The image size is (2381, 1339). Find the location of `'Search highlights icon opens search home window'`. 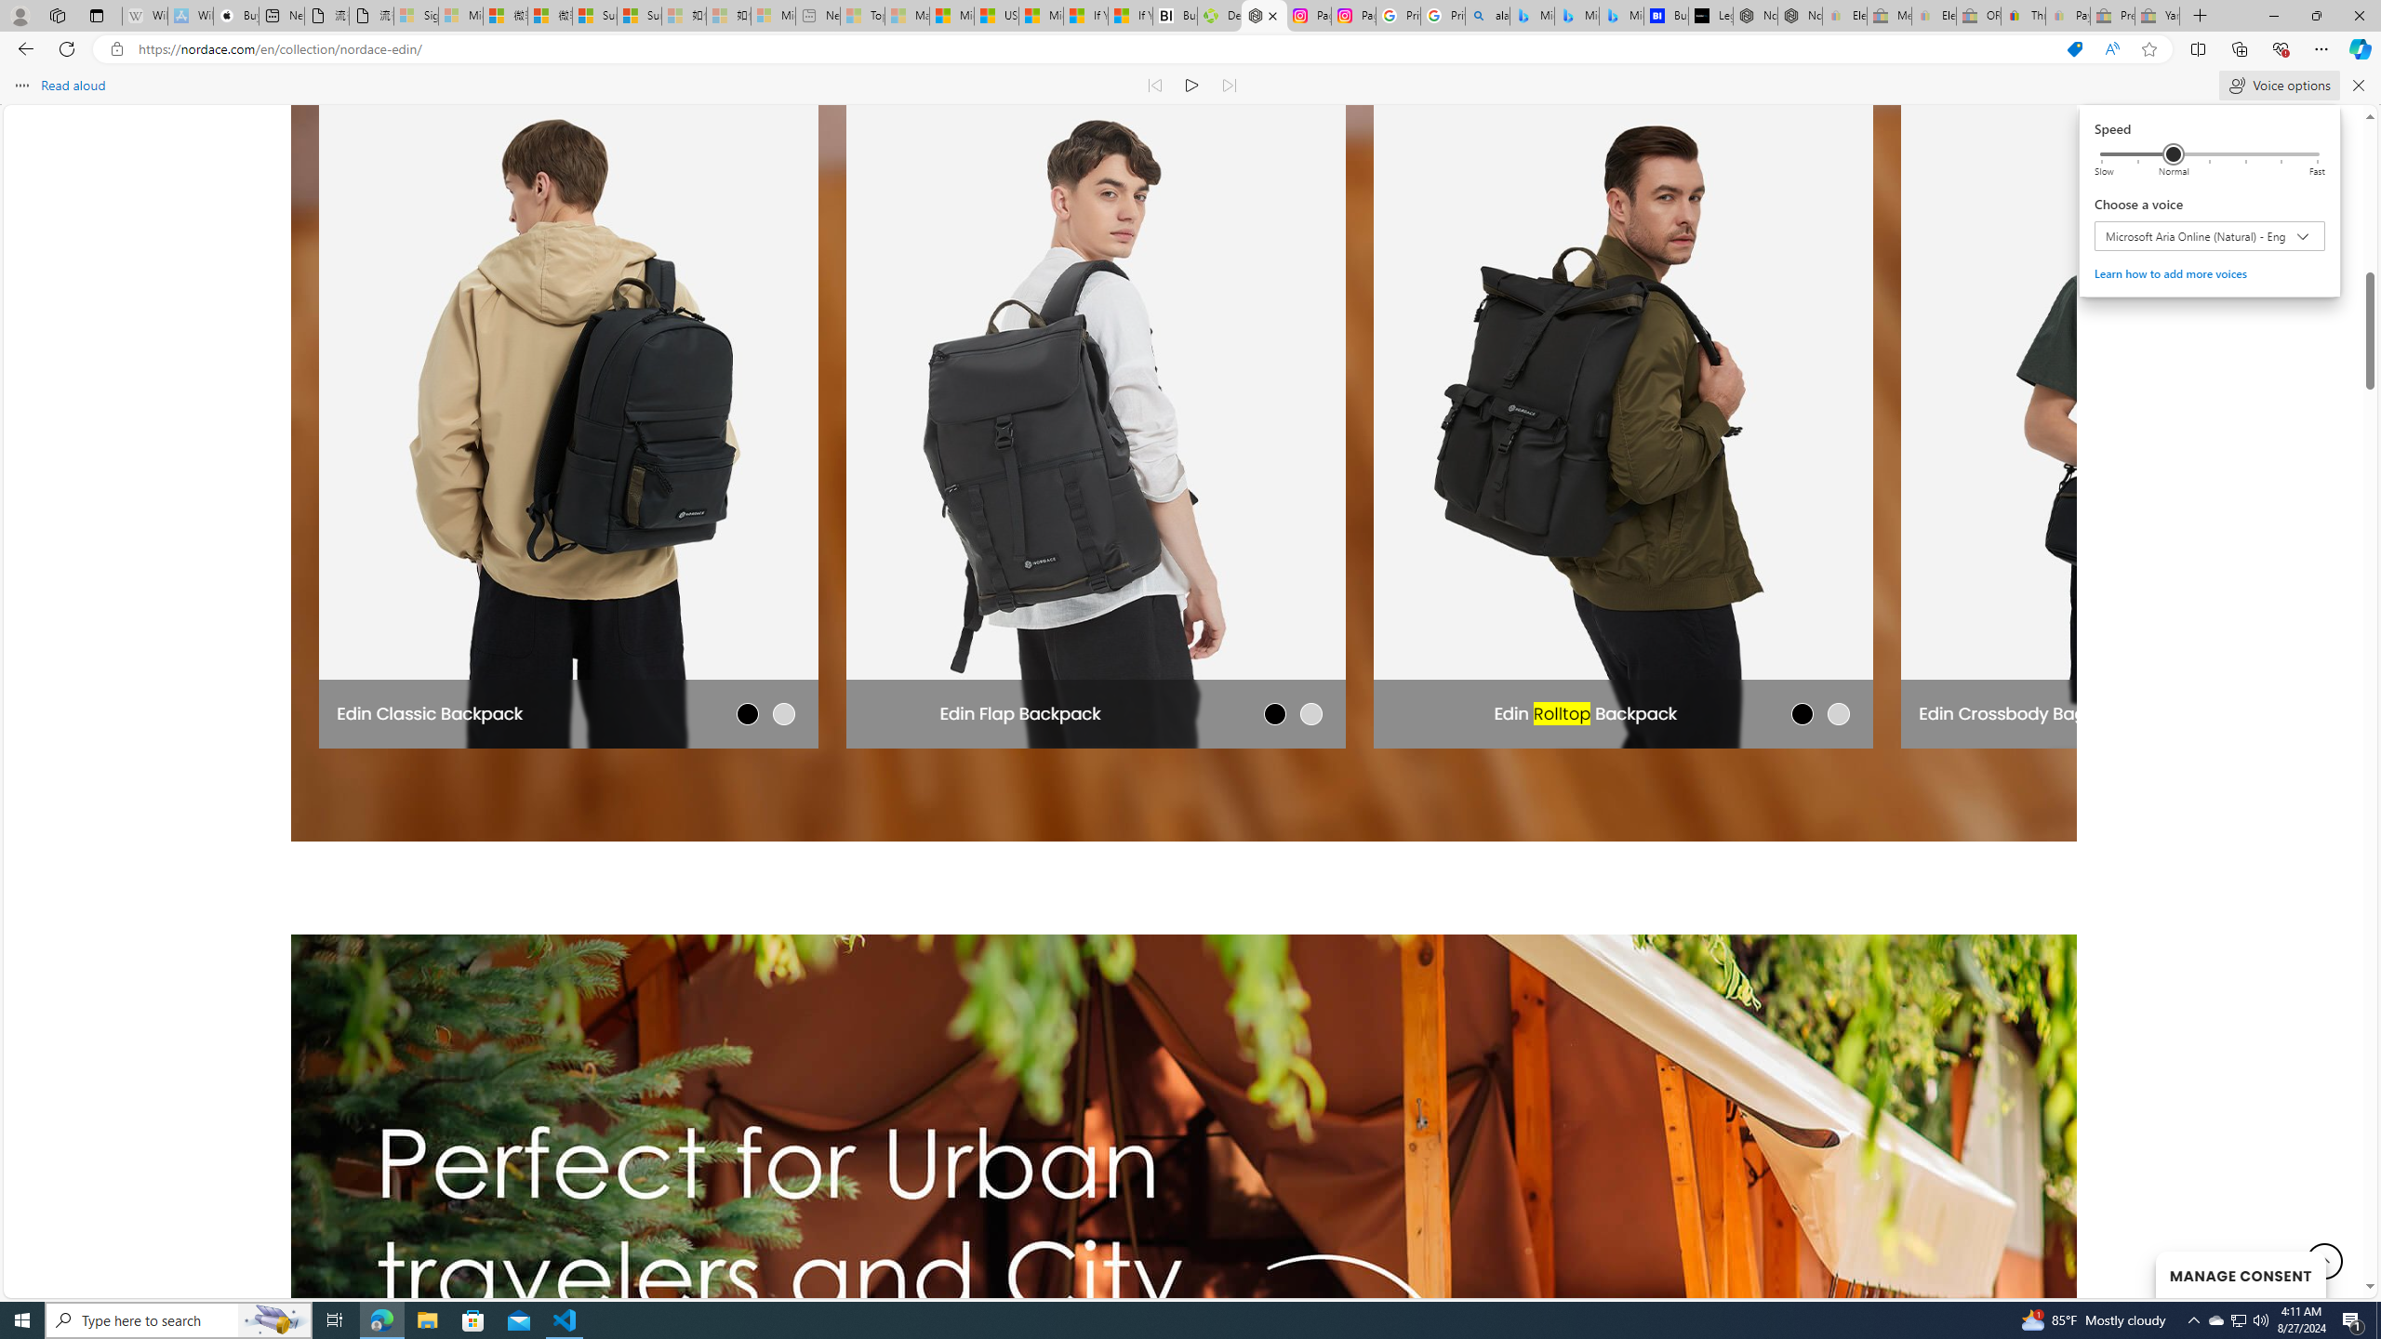

'Search highlights icon opens search home window' is located at coordinates (273, 1319).